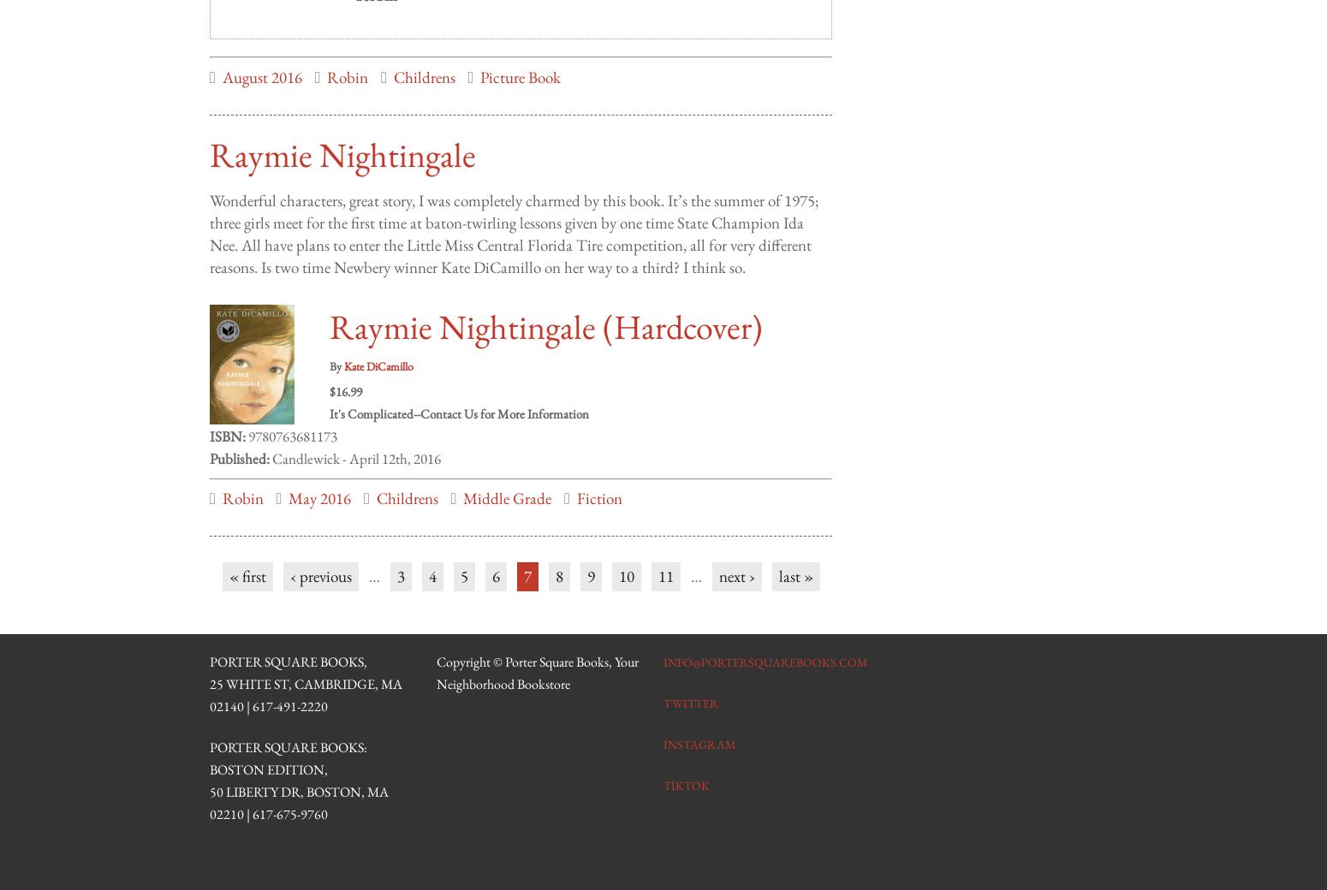 This screenshot has width=1327, height=890. I want to click on 'TWITTER', so click(663, 685).